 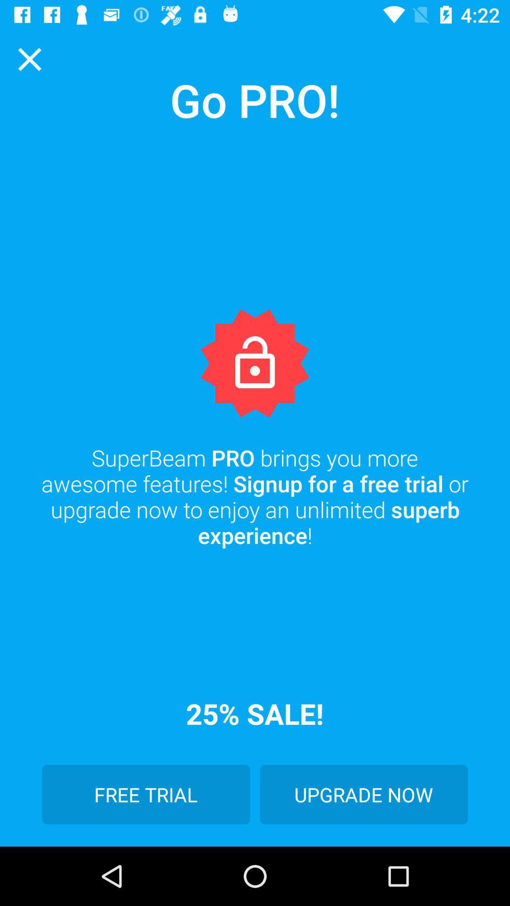 I want to click on exit the screen, so click(x=29, y=59).